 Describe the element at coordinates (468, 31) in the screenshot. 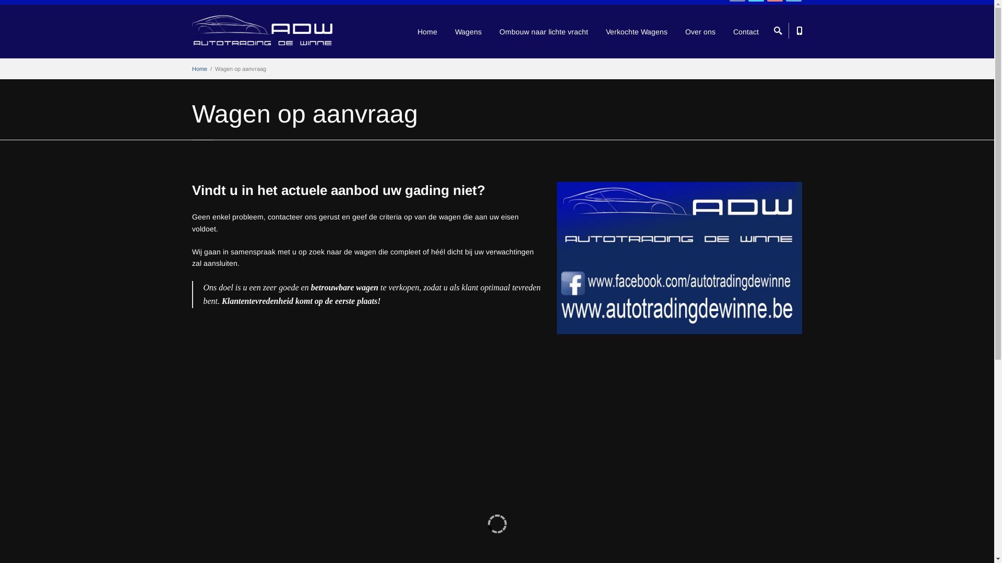

I see `'Wagens'` at that location.